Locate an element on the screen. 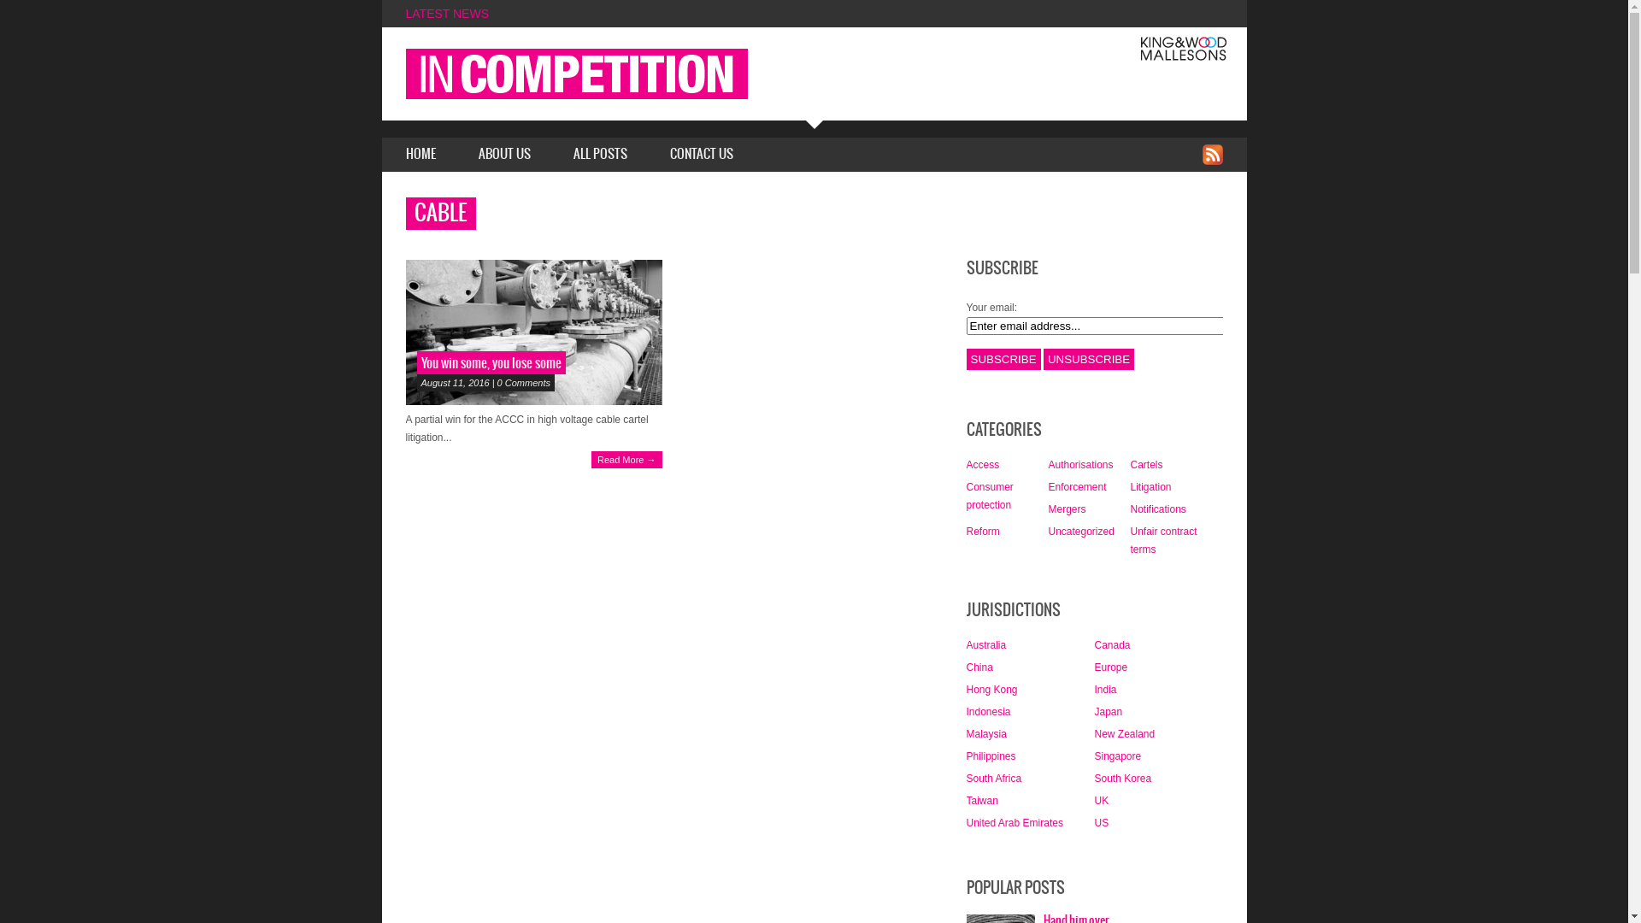 The width and height of the screenshot is (1641, 923). 'UK' is located at coordinates (1101, 801).